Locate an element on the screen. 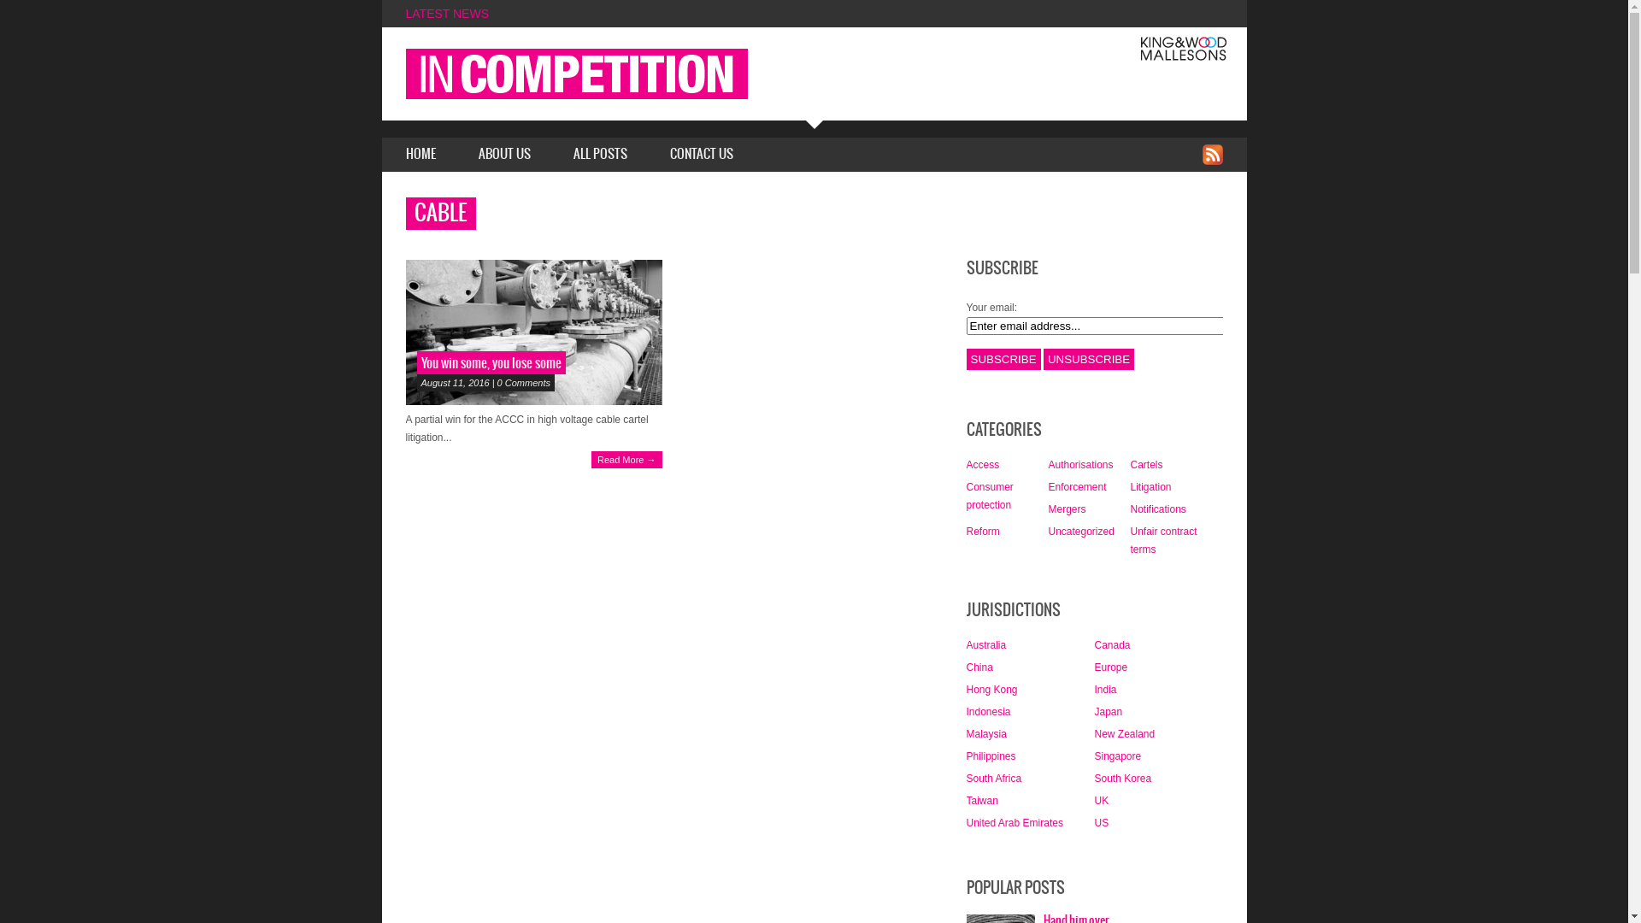 The width and height of the screenshot is (1641, 923). 'UK' is located at coordinates (1101, 801).